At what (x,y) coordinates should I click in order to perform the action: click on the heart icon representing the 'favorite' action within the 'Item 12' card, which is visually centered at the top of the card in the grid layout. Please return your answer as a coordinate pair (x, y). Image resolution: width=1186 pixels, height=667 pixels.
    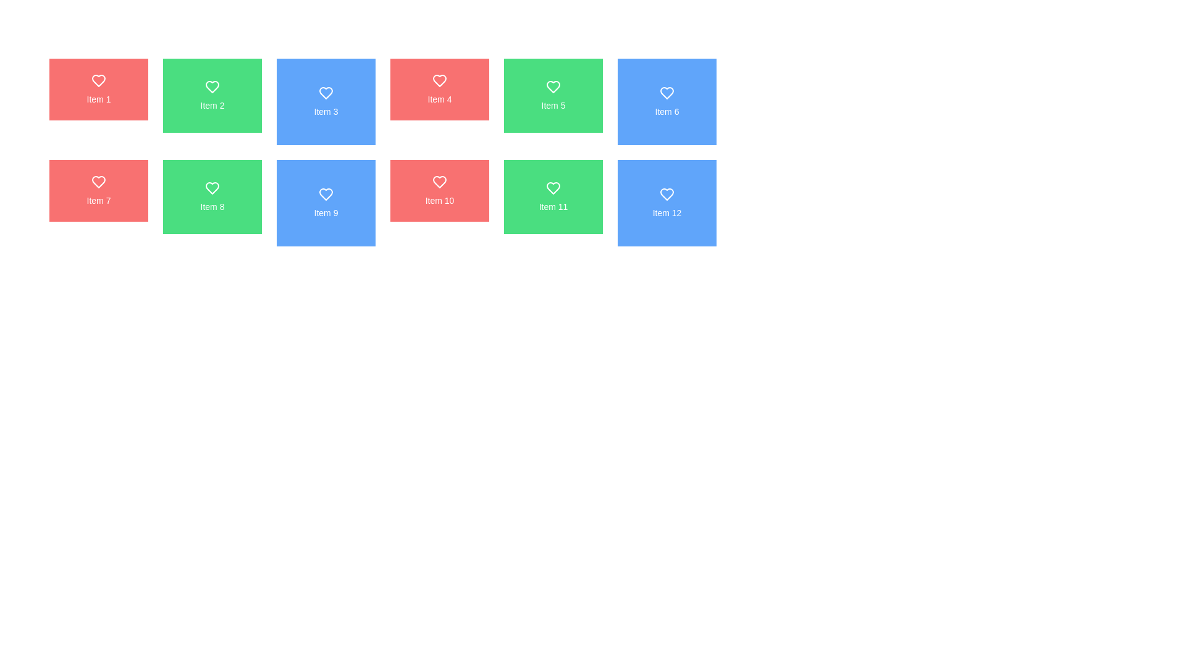
    Looking at the image, I should click on (667, 195).